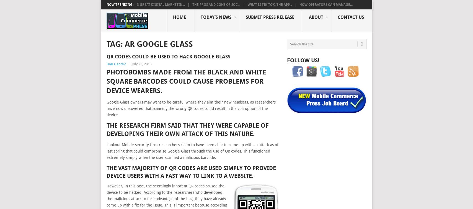  What do you see at coordinates (245, 17) in the screenshot?
I see `'Submit Press Release'` at bounding box center [245, 17].